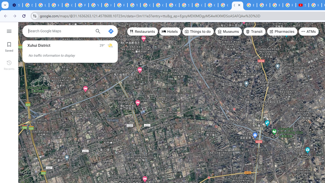  I want to click on 'Hotels', so click(170, 32).